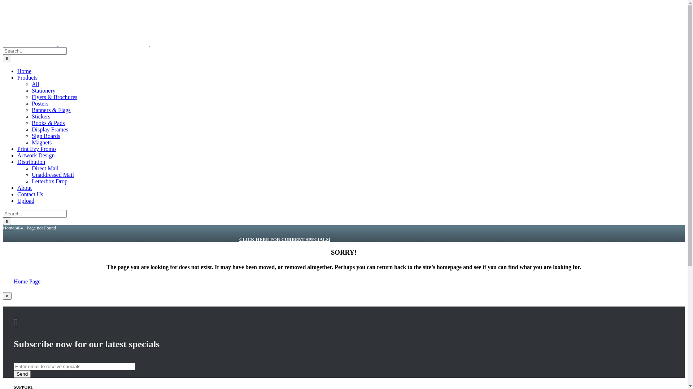 Image resolution: width=693 pixels, height=389 pixels. I want to click on 'Posters', so click(39, 103).